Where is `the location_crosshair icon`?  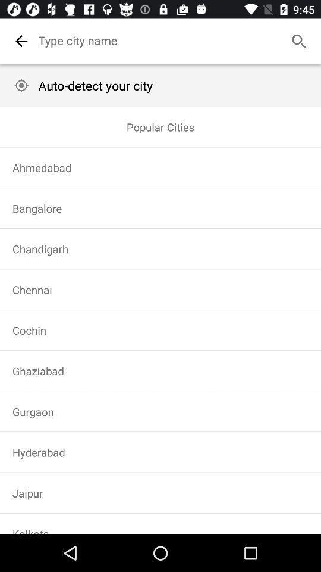 the location_crosshair icon is located at coordinates (21, 85).